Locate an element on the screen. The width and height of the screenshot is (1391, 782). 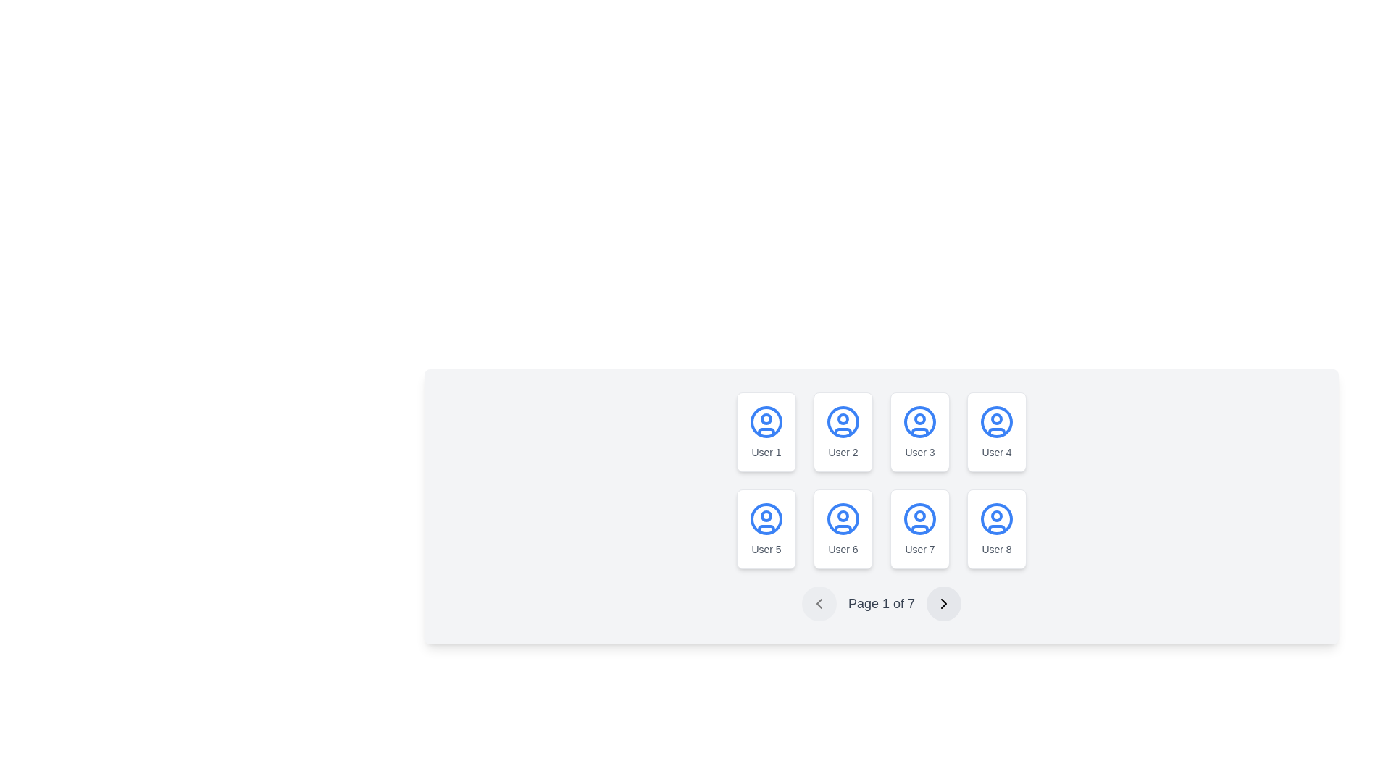
the text label displaying 'User 7', located beneath the User 7 icon in the second row of the grid layout on the right side is located at coordinates (919, 550).